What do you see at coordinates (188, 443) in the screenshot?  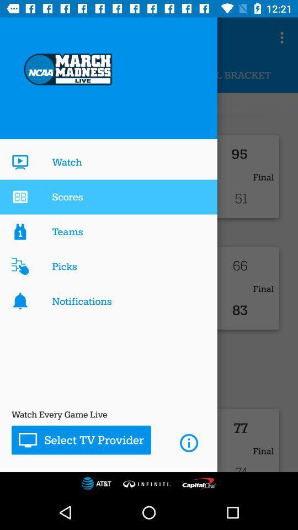 I see `the symbol which is to the immediate right of the select tv provider` at bounding box center [188, 443].